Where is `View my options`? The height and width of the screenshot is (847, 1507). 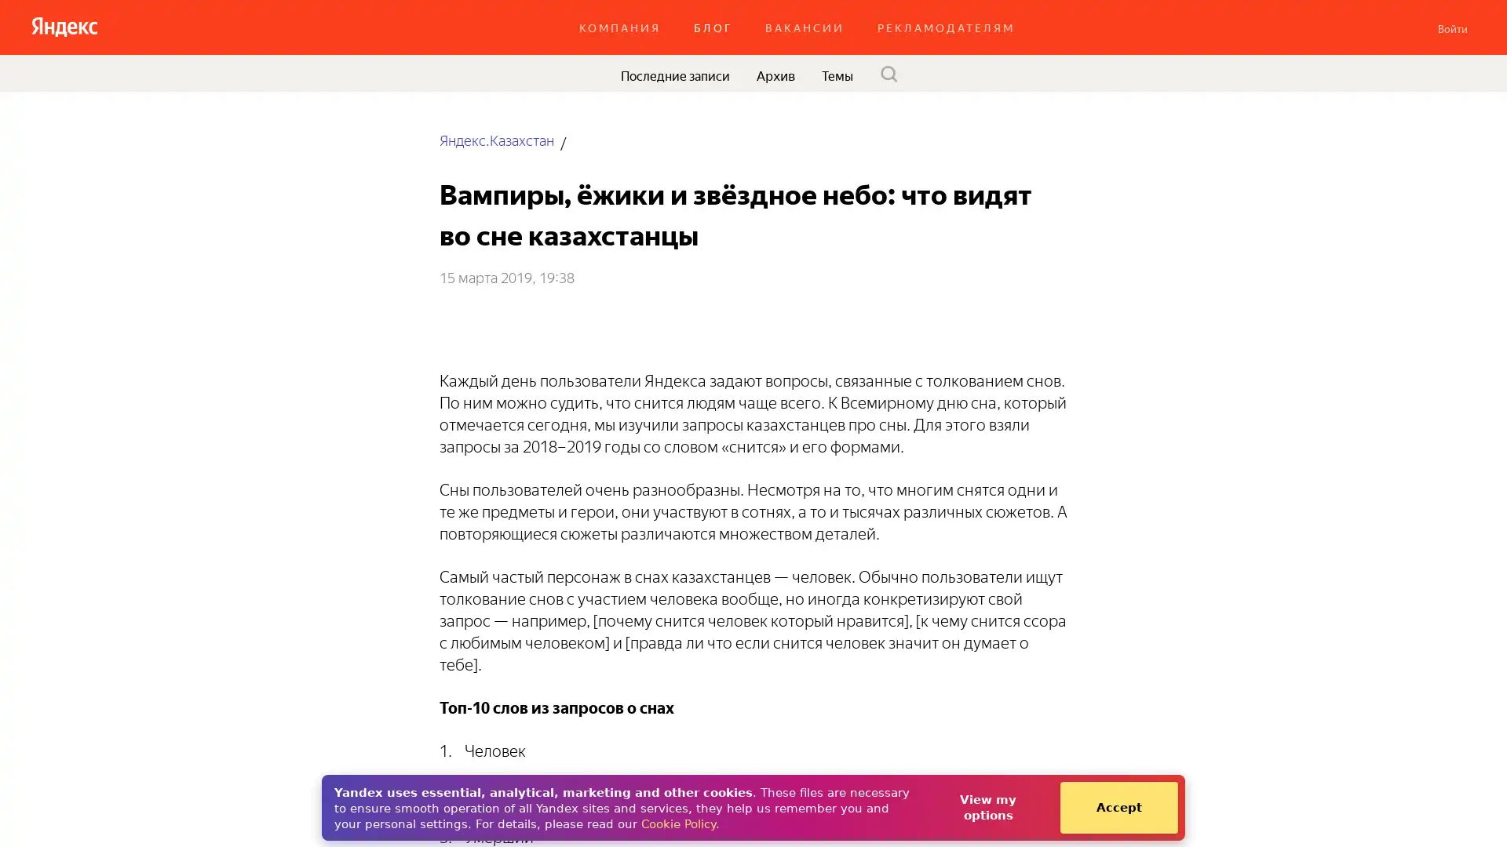 View my options is located at coordinates (987, 807).